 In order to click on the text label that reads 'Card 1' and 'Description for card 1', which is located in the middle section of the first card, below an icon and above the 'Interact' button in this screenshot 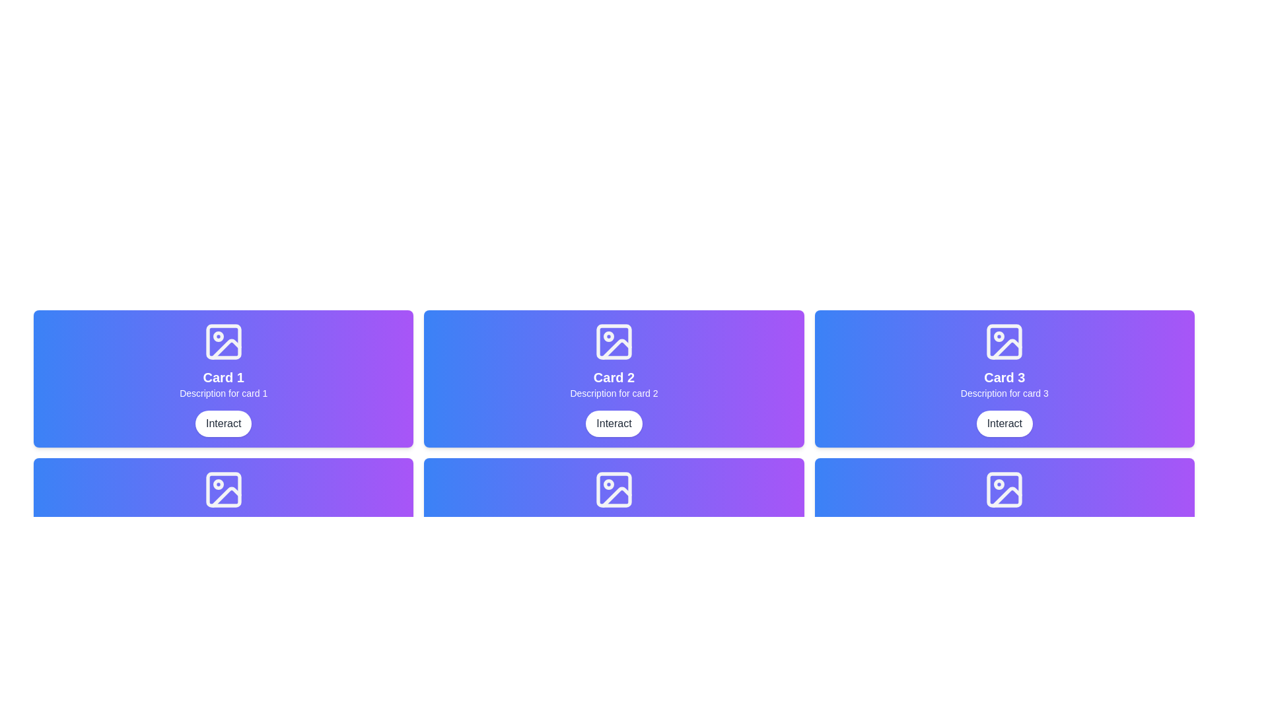, I will do `click(223, 384)`.